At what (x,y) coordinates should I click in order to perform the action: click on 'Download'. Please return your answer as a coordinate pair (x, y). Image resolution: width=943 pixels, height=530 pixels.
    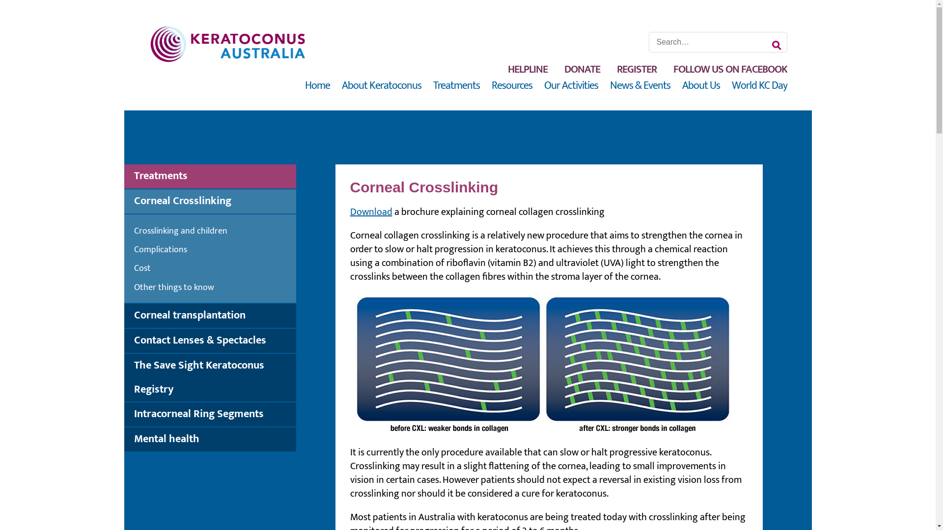
    Looking at the image, I should click on (370, 212).